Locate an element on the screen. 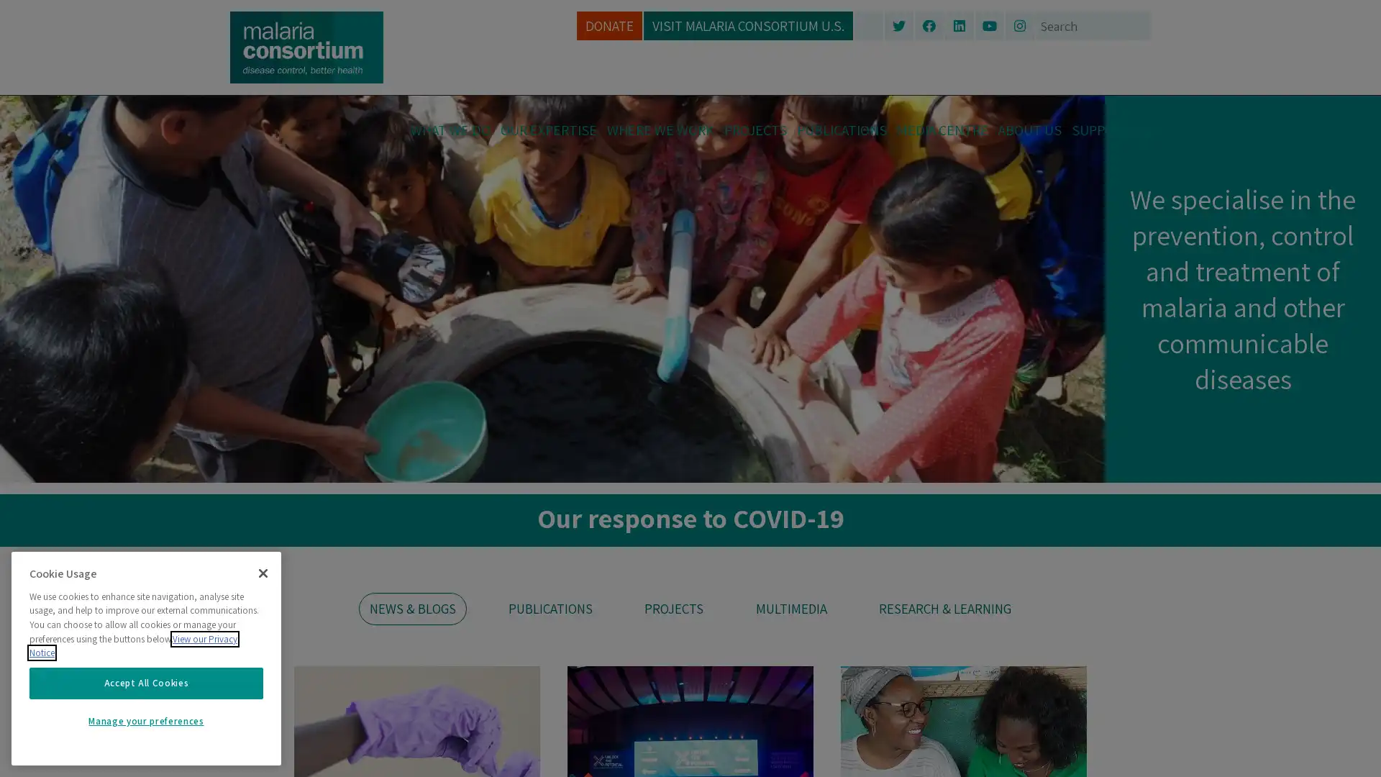 Image resolution: width=1381 pixels, height=777 pixels. Close is located at coordinates (263, 573).